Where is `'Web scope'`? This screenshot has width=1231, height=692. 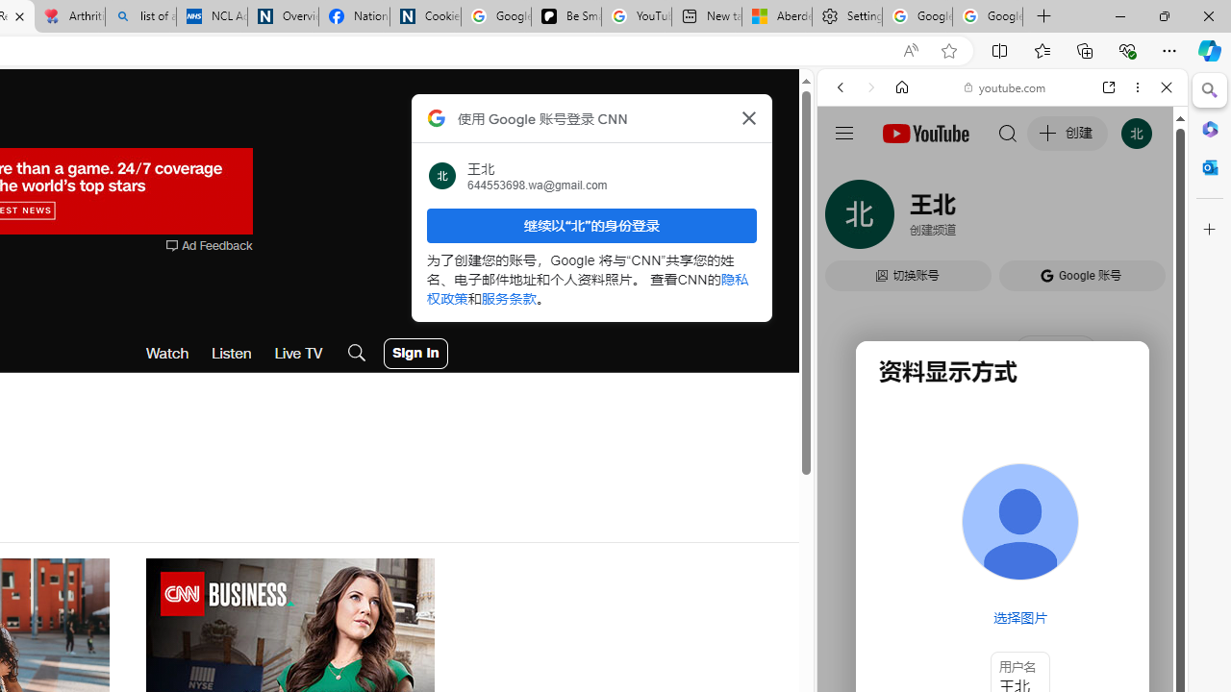 'Web scope' is located at coordinates (847, 173).